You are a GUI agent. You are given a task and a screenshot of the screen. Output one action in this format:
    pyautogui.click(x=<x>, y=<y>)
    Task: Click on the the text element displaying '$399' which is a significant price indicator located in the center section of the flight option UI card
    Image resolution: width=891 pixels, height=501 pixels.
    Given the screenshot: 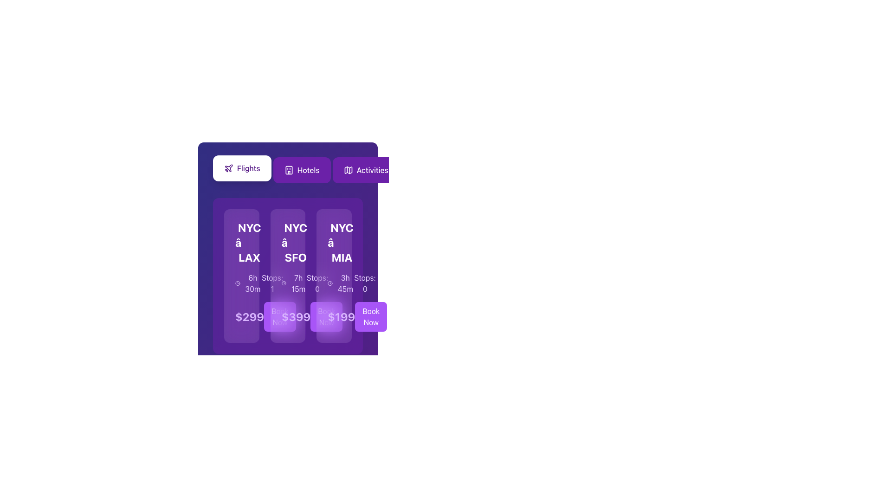 What is the action you would take?
    pyautogui.click(x=296, y=316)
    